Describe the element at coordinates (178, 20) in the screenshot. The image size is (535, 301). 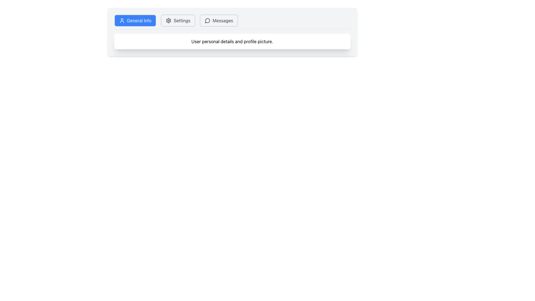
I see `the navigational button located between the 'General Info' and 'Messages' buttons` at that location.